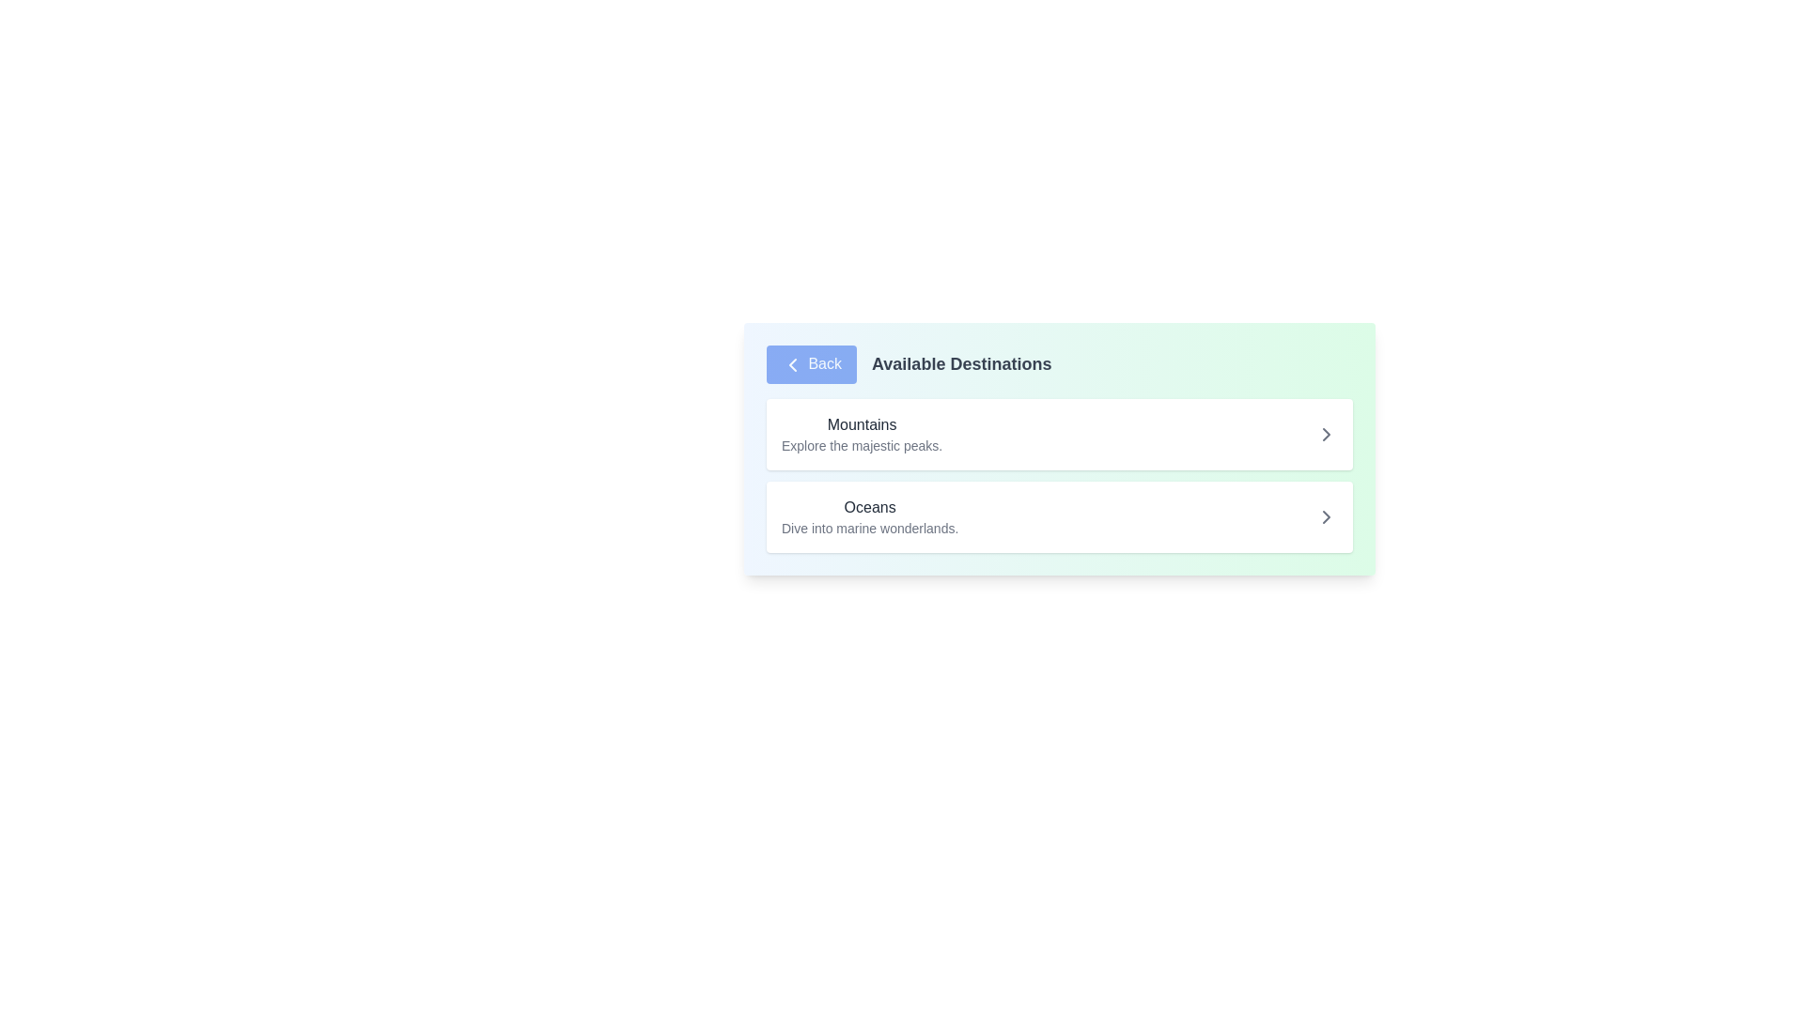 This screenshot has width=1804, height=1014. What do you see at coordinates (1325, 434) in the screenshot?
I see `the chevron arrow icon at the far-right end of the 'Mountains' section` at bounding box center [1325, 434].